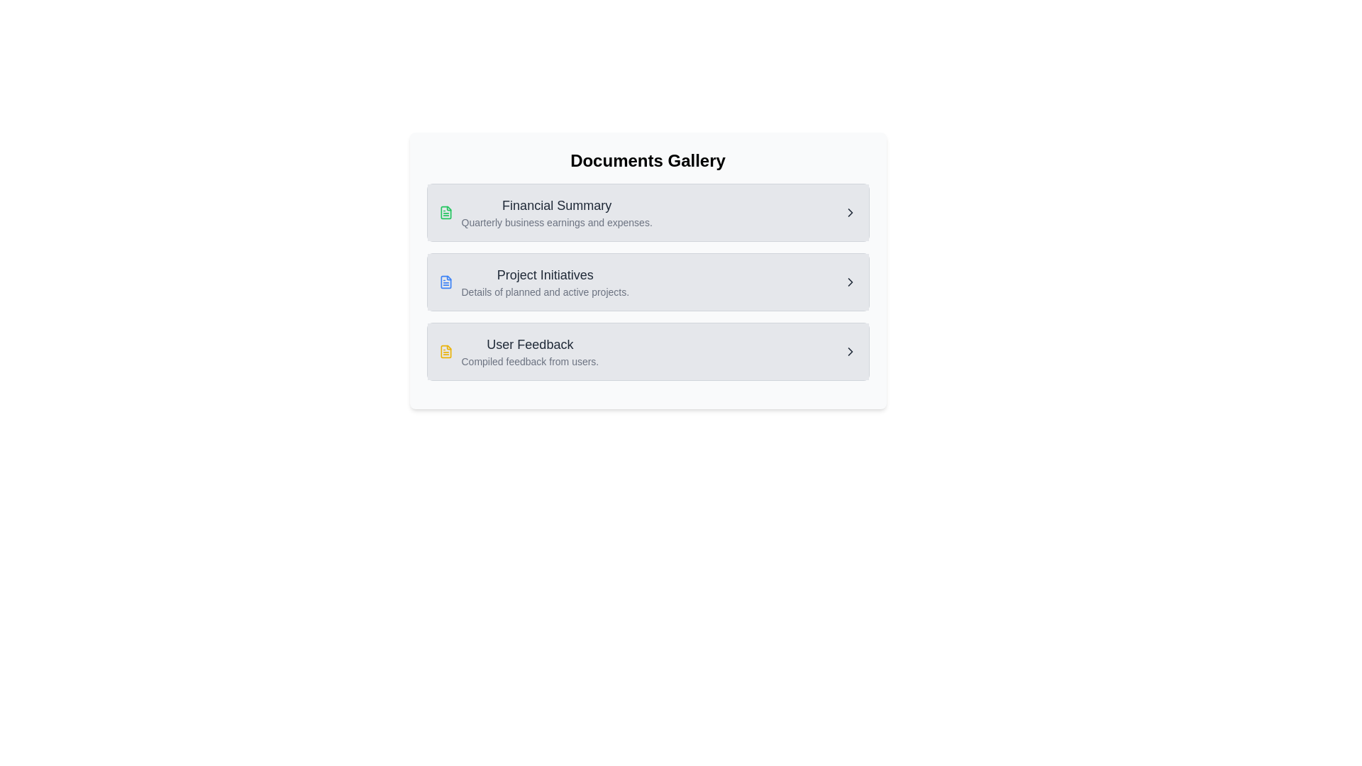 Image resolution: width=1362 pixels, height=766 pixels. Describe the element at coordinates (445, 351) in the screenshot. I see `the document icon representing 'User Feedback' in the Documents Gallery section, which is located to the left of the text 'User Feedback'` at that location.